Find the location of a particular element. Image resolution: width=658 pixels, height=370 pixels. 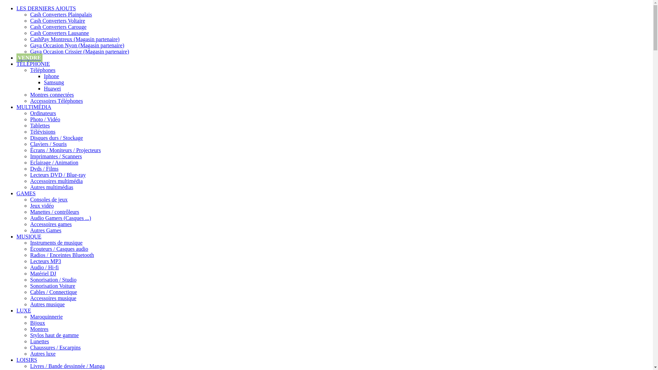

'Imprimantes / Scanners' is located at coordinates (29, 156).